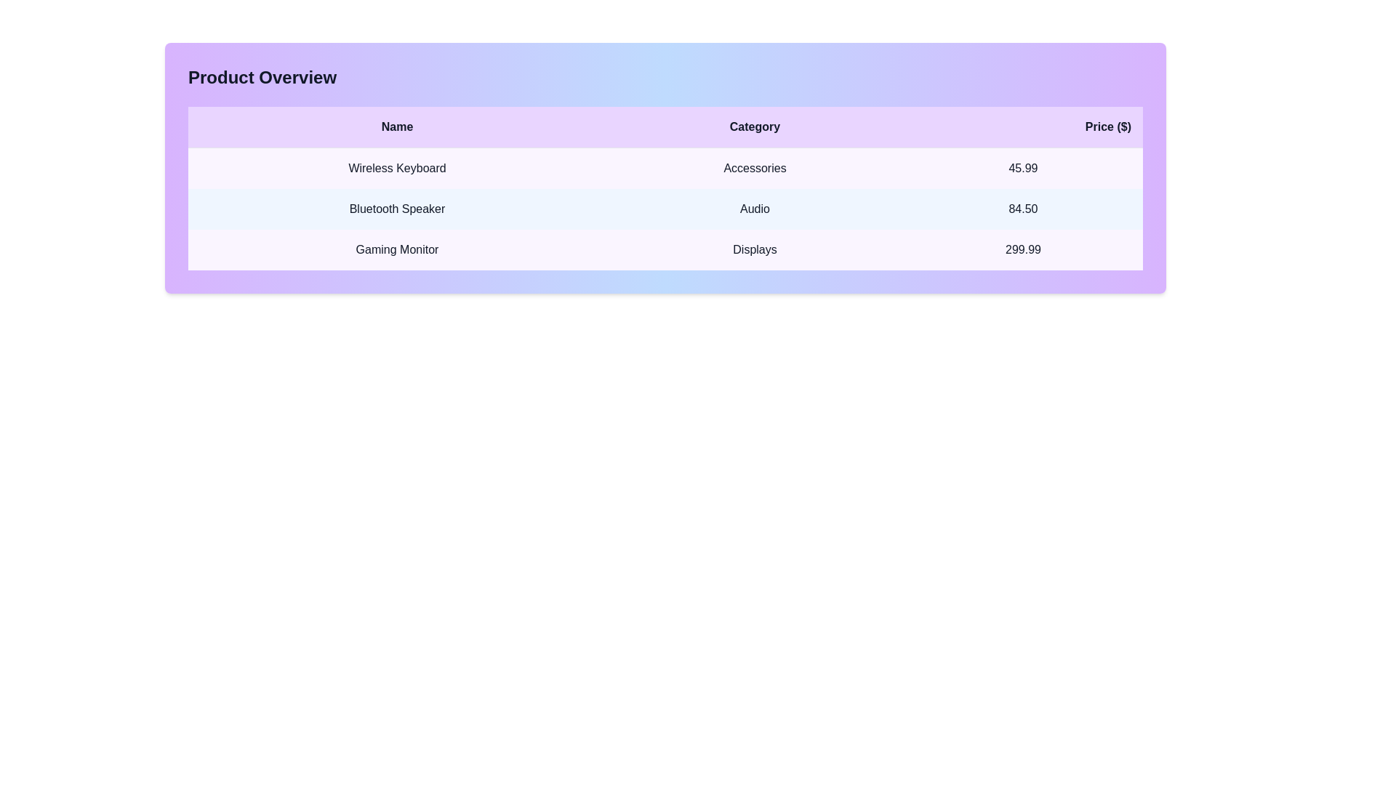 The image size is (1396, 785). What do you see at coordinates (397, 249) in the screenshot?
I see `the text display element labeled 'Gaming Monitor' in the product overview table, located in the third row under the 'Name' column` at bounding box center [397, 249].